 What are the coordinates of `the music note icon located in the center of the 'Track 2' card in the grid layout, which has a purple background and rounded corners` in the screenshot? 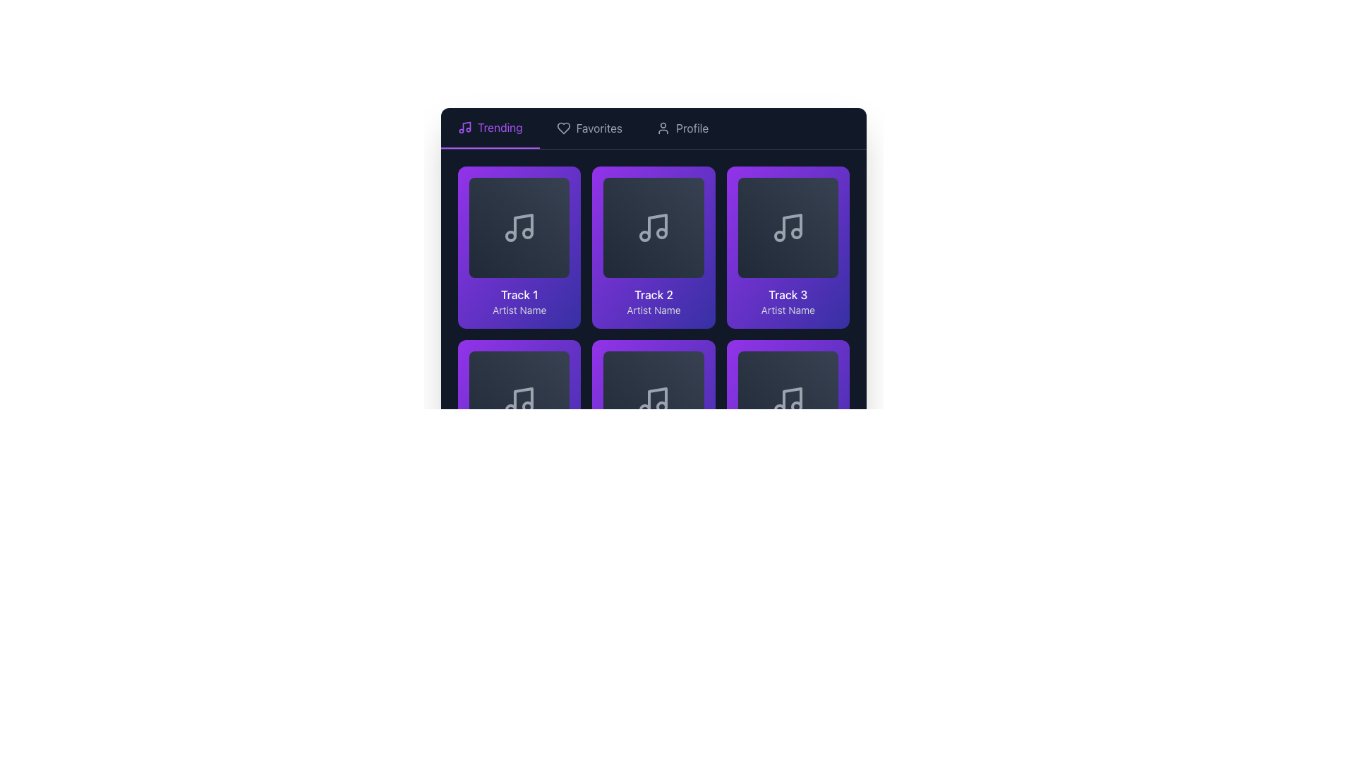 It's located at (653, 227).